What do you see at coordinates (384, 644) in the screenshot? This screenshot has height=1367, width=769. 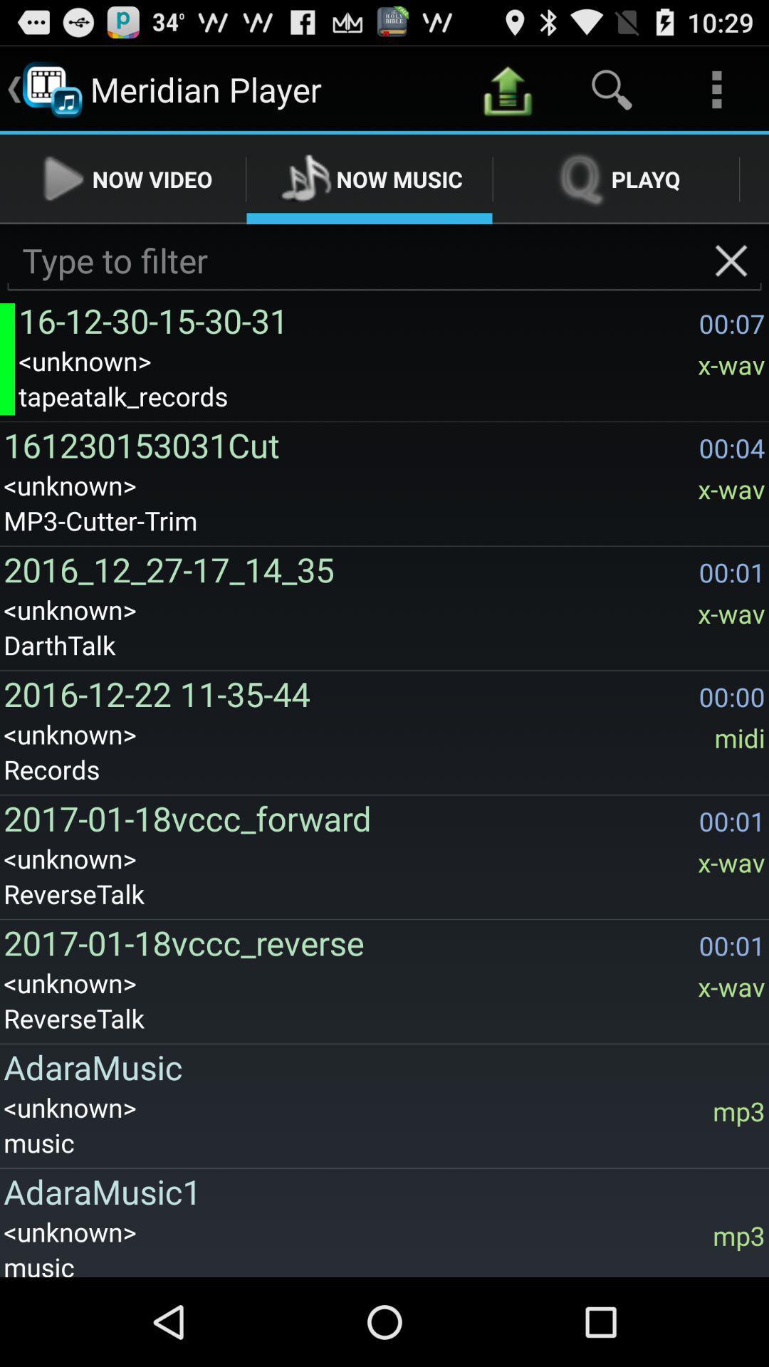 I see `the darthtalk app` at bounding box center [384, 644].